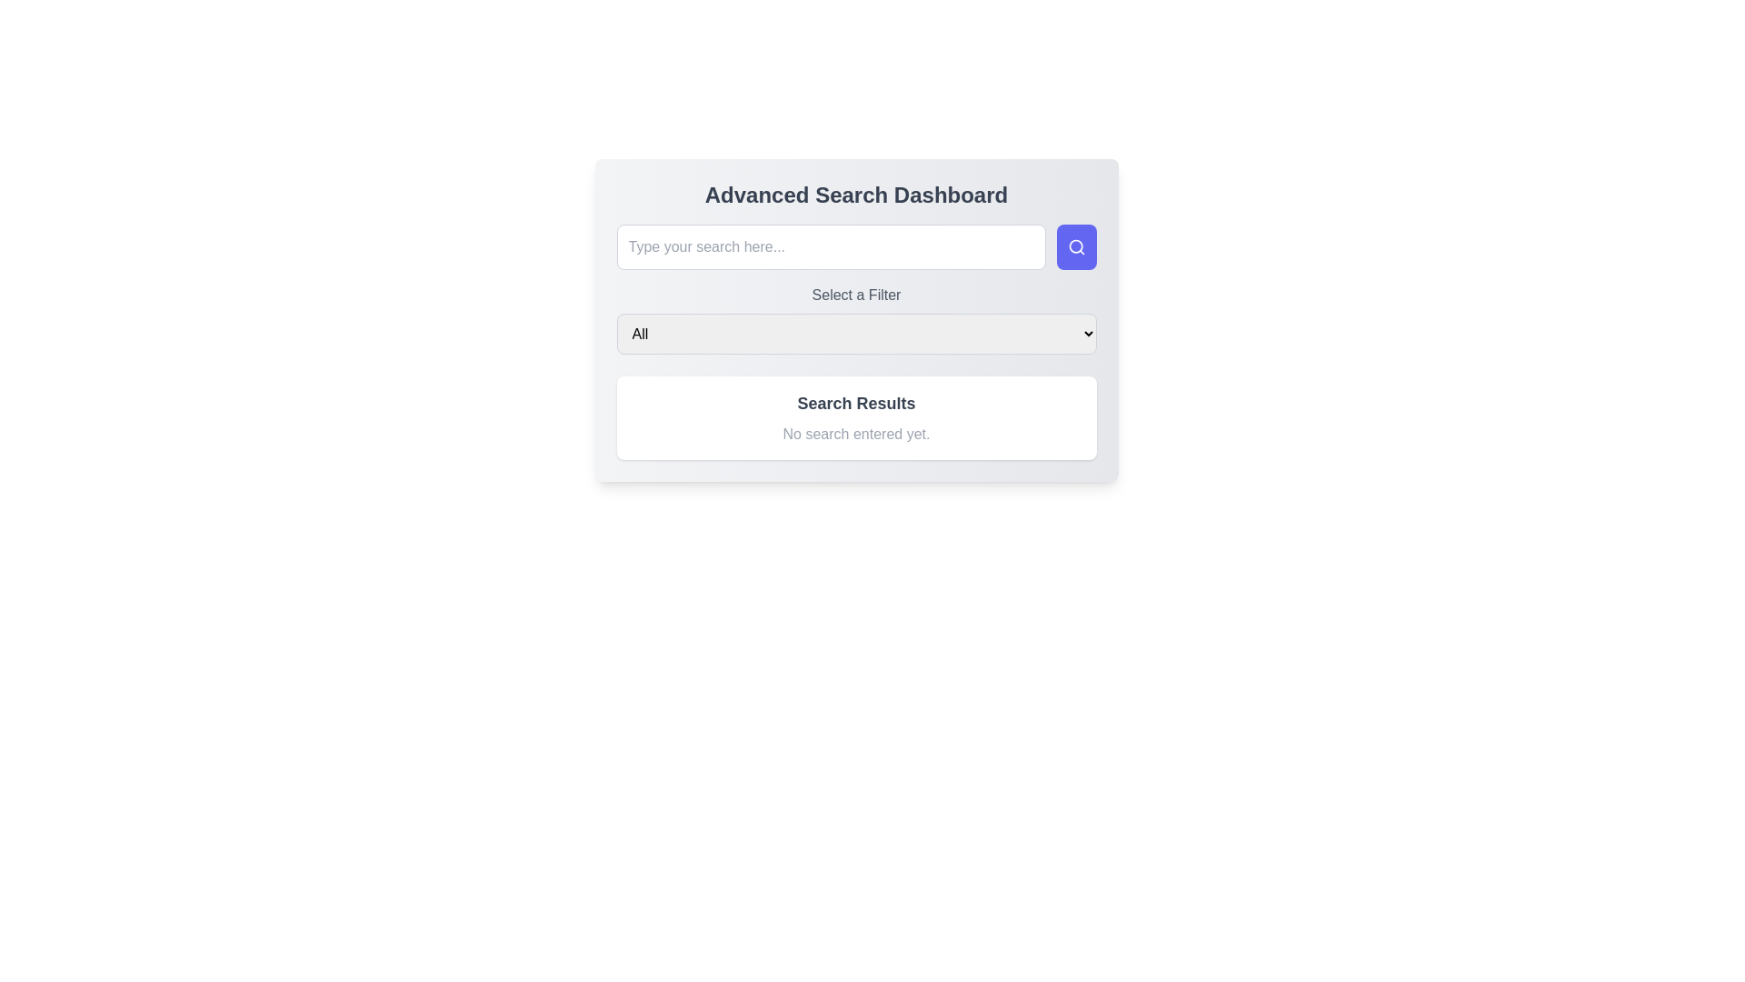 Image resolution: width=1745 pixels, height=982 pixels. I want to click on the dropdown menu located centrally within the 'Advanced Search Dashboard' card, so click(855, 318).